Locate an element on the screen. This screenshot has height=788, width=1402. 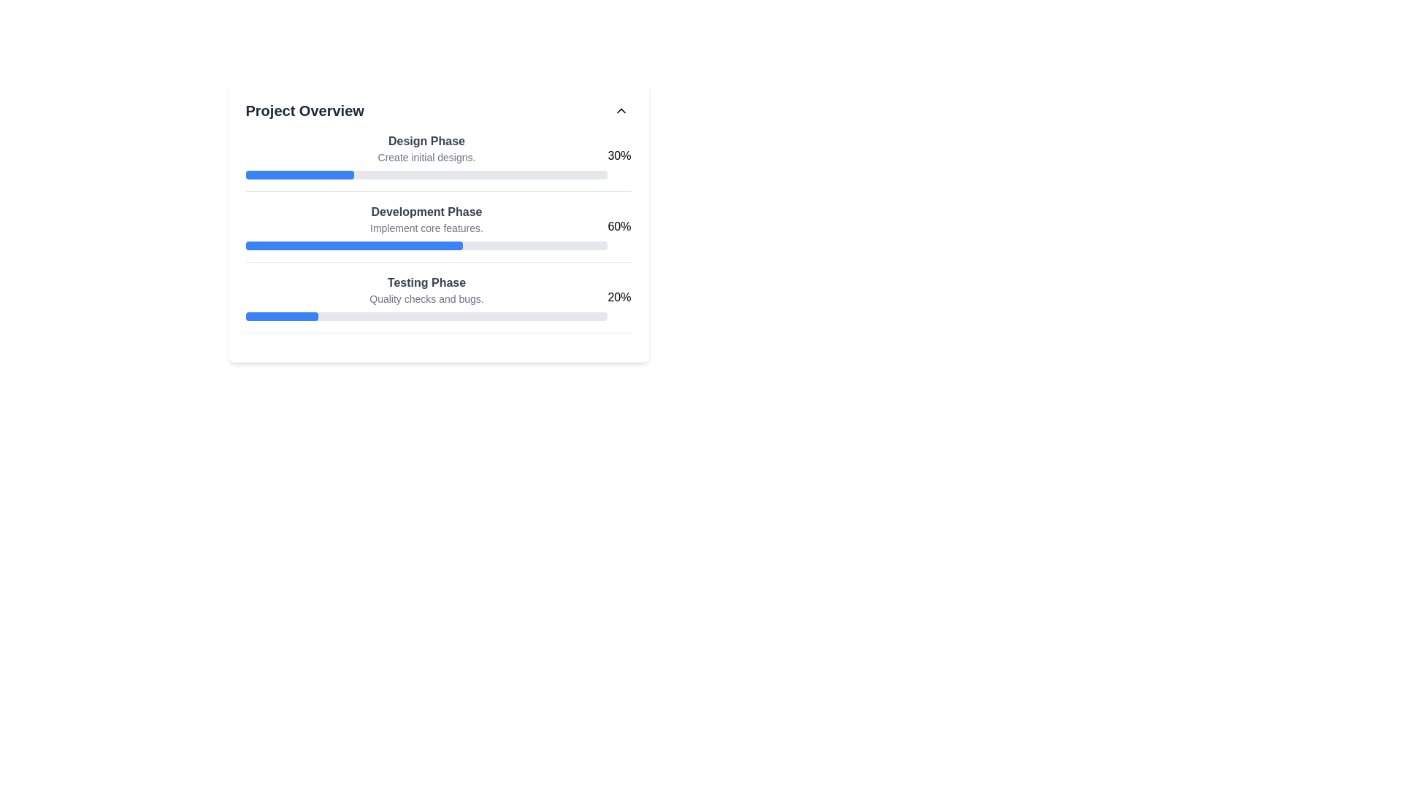
the '30%' bold text label, which is the rightmost element in the 'Design Phase' progress indicator section is located at coordinates (619, 155).